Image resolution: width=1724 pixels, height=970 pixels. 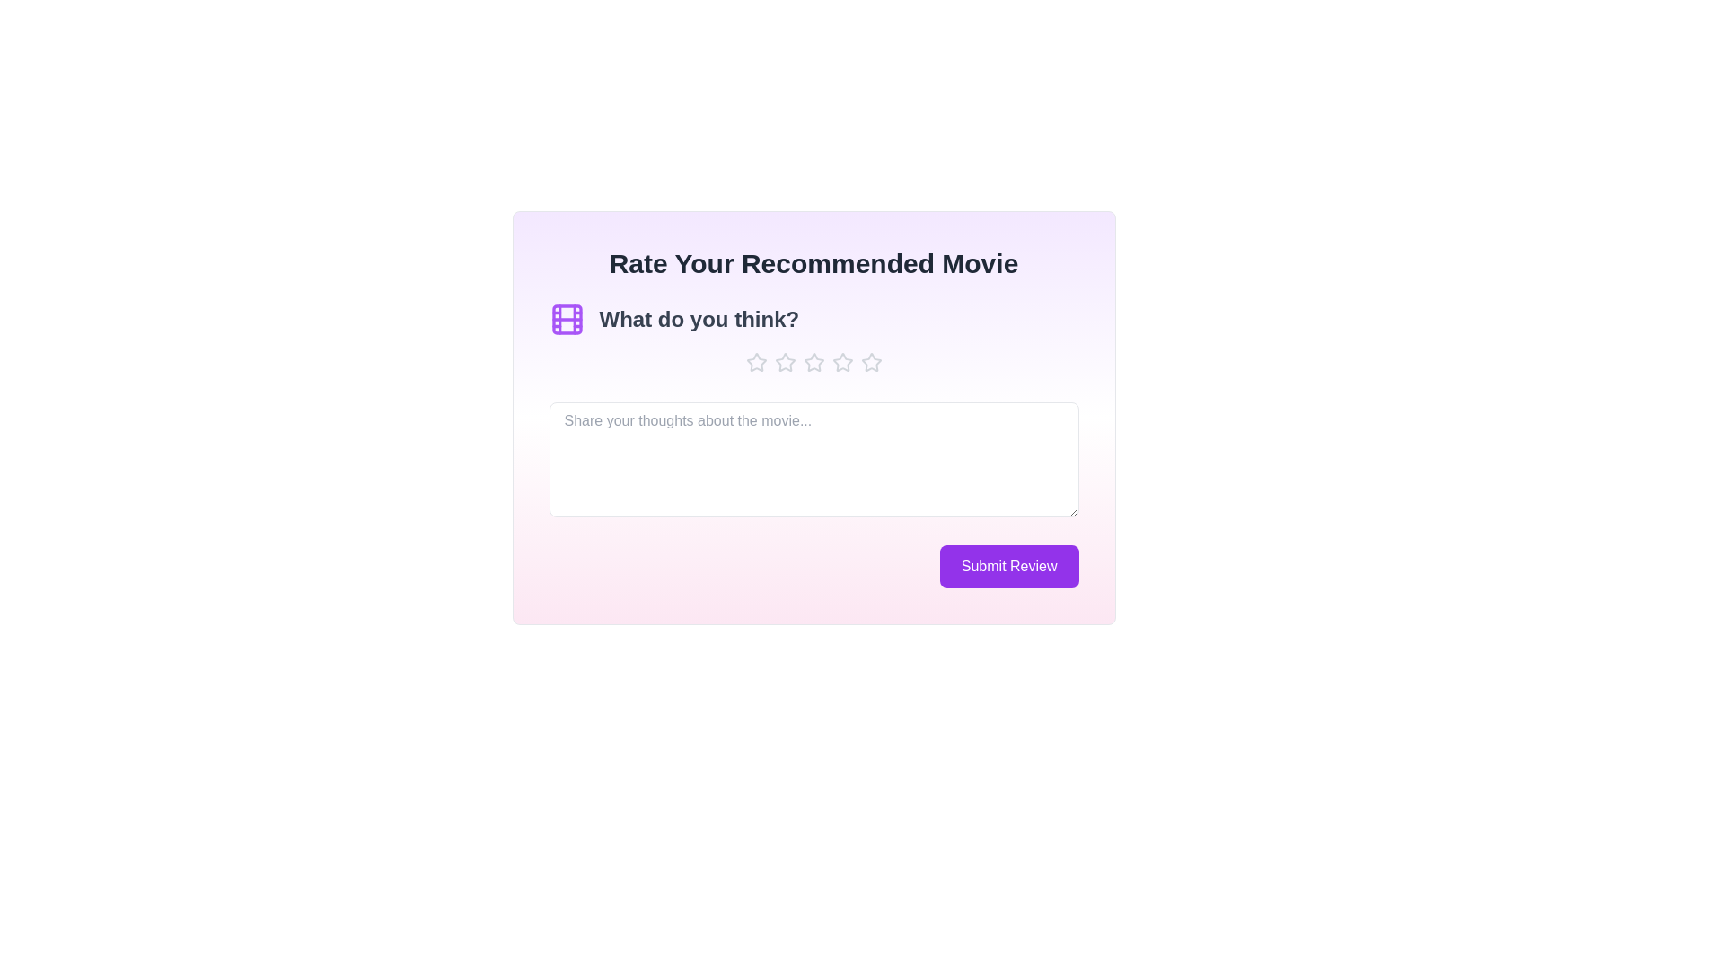 I want to click on the textarea to focus and type the review text, so click(x=813, y=459).